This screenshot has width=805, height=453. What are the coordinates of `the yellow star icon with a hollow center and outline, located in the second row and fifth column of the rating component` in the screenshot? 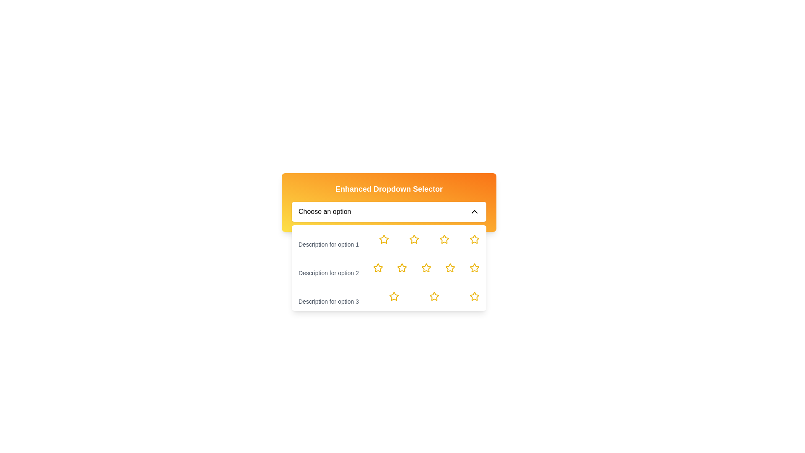 It's located at (475, 268).